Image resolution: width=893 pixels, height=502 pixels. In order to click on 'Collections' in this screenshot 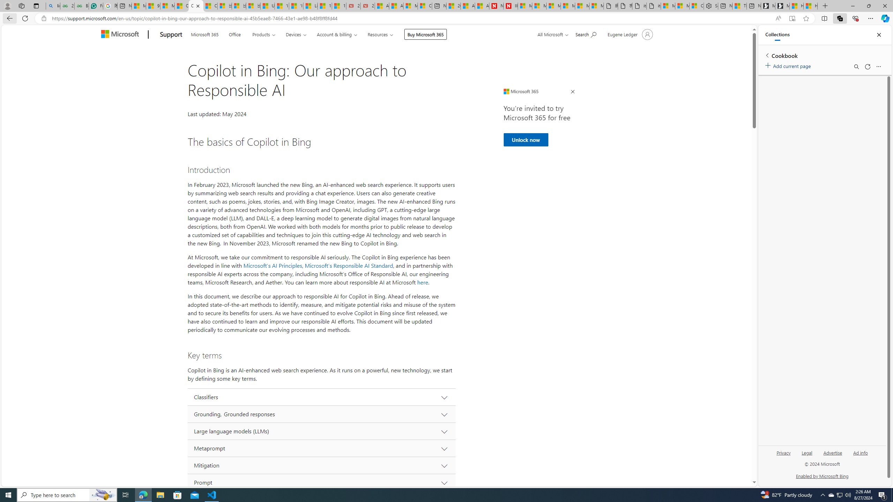, I will do `click(839, 18)`.